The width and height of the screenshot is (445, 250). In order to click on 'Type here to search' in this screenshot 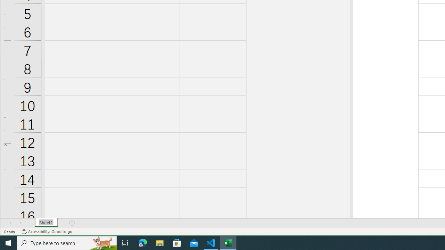, I will do `click(67, 242)`.